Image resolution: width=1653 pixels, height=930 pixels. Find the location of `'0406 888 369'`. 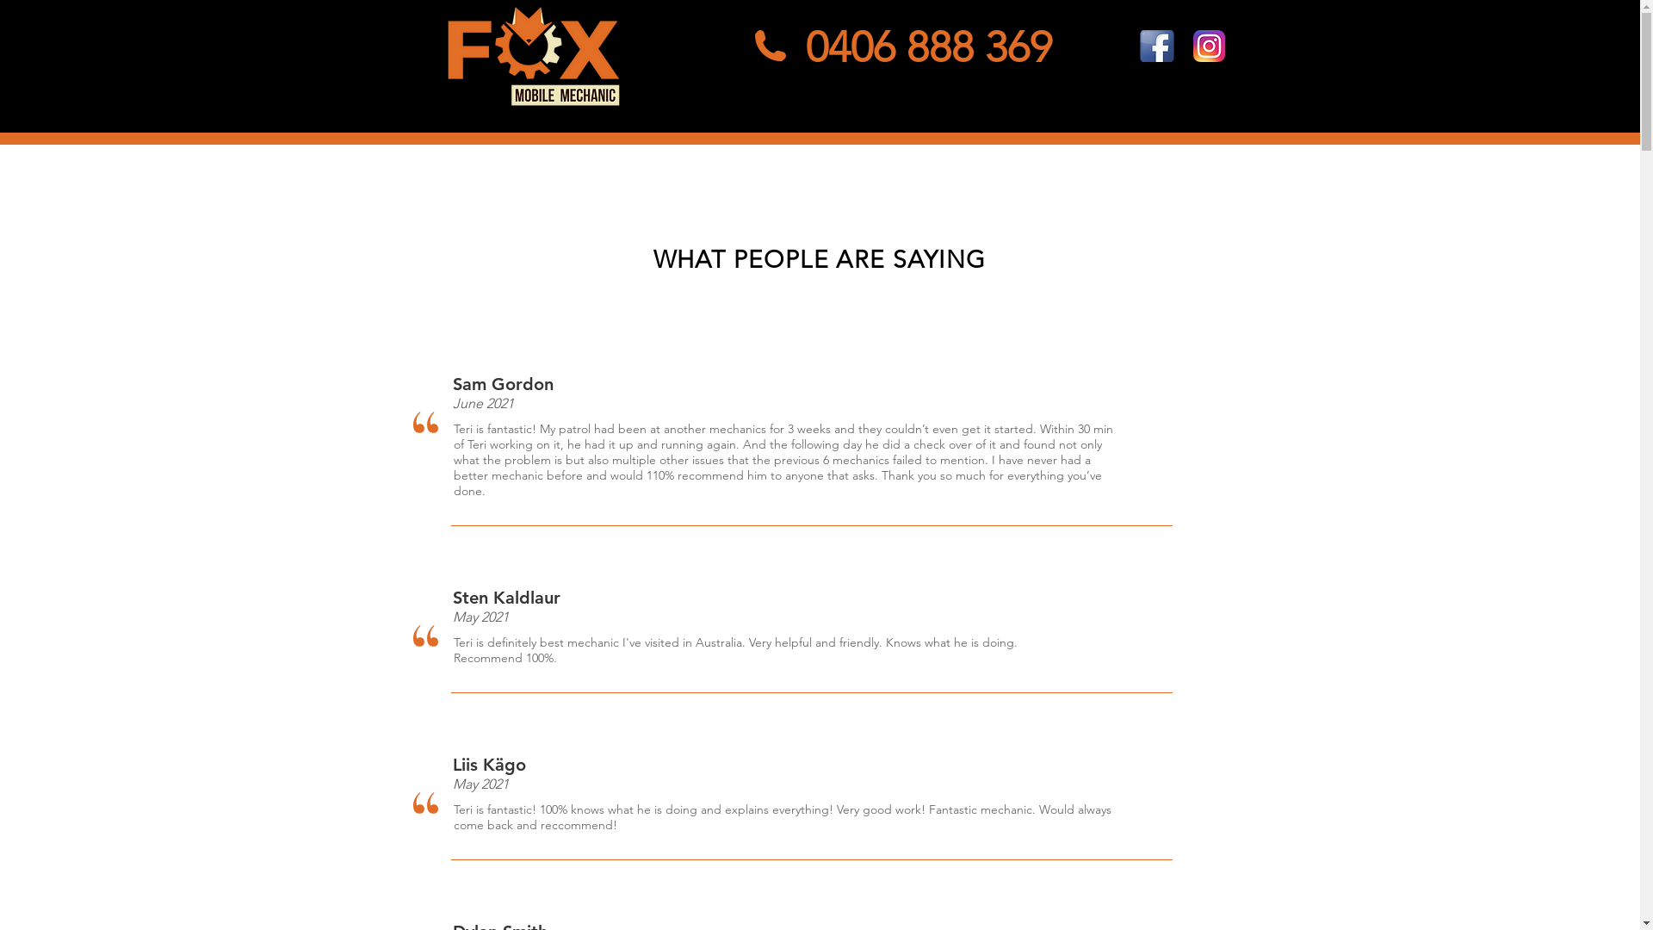

'0406 888 369' is located at coordinates (928, 46).